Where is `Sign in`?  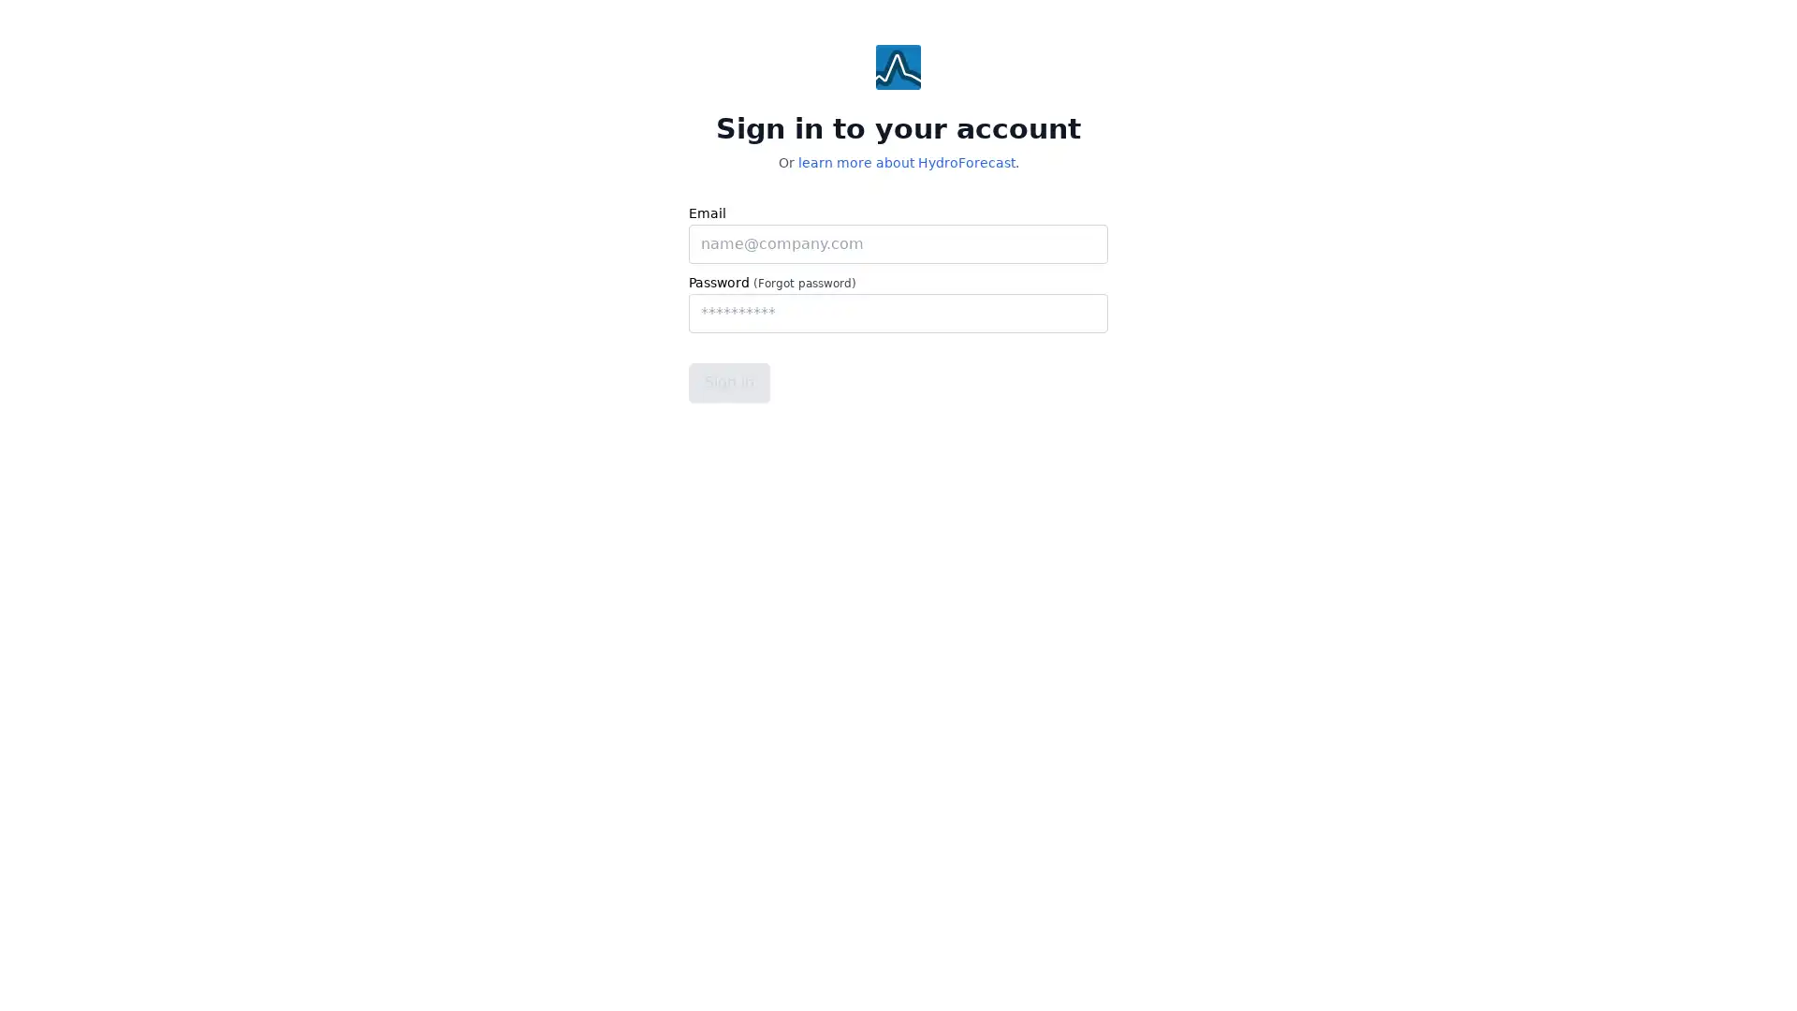 Sign in is located at coordinates (728, 381).